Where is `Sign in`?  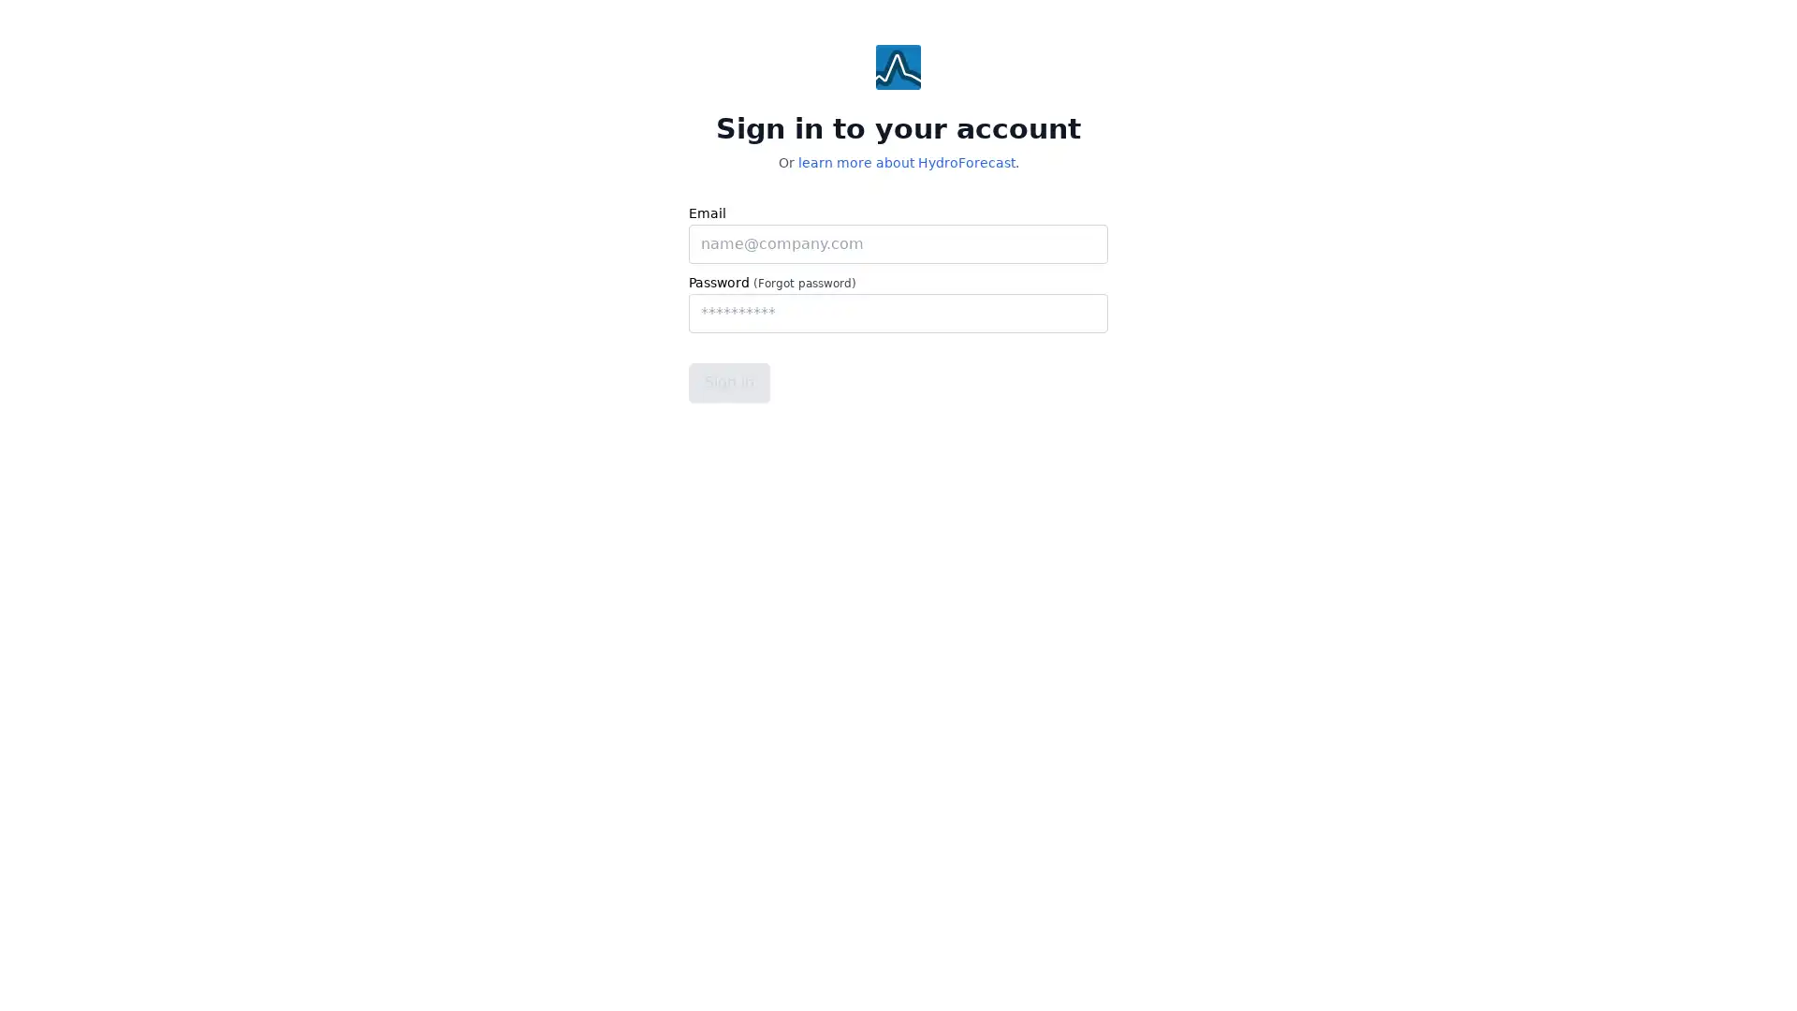 Sign in is located at coordinates (728, 381).